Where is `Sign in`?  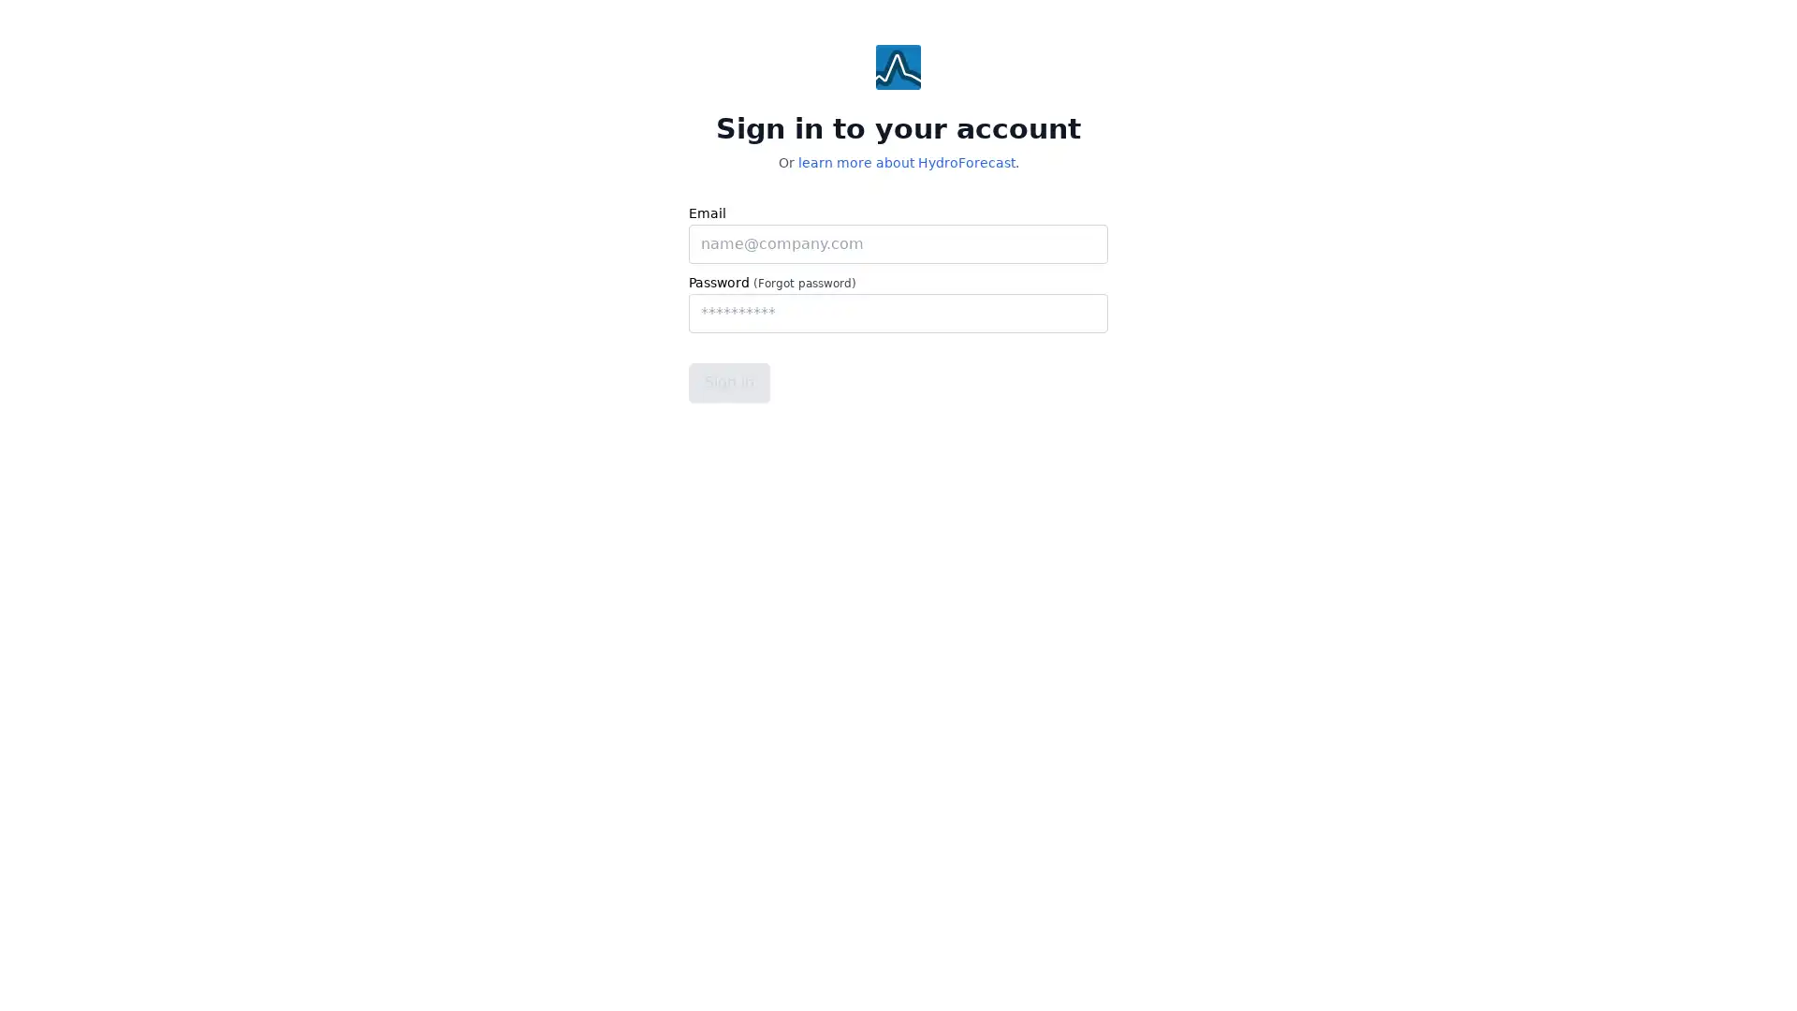 Sign in is located at coordinates (728, 381).